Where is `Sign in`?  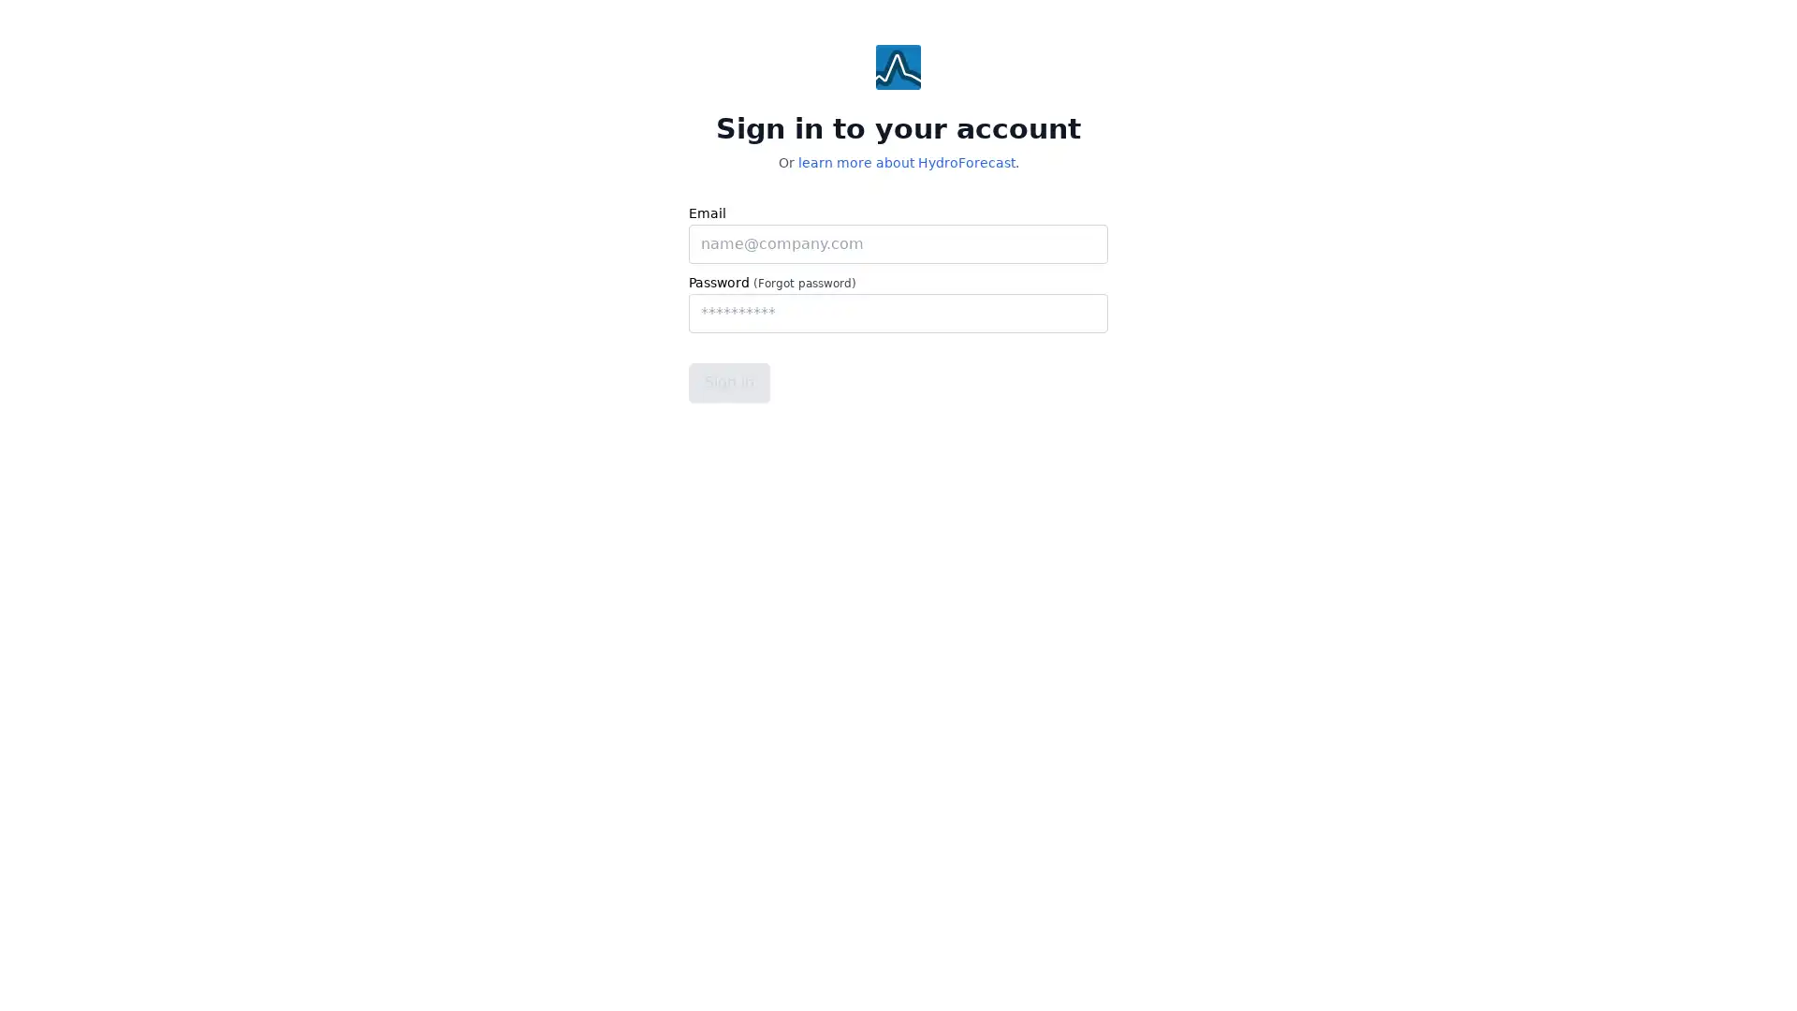 Sign in is located at coordinates (728, 381).